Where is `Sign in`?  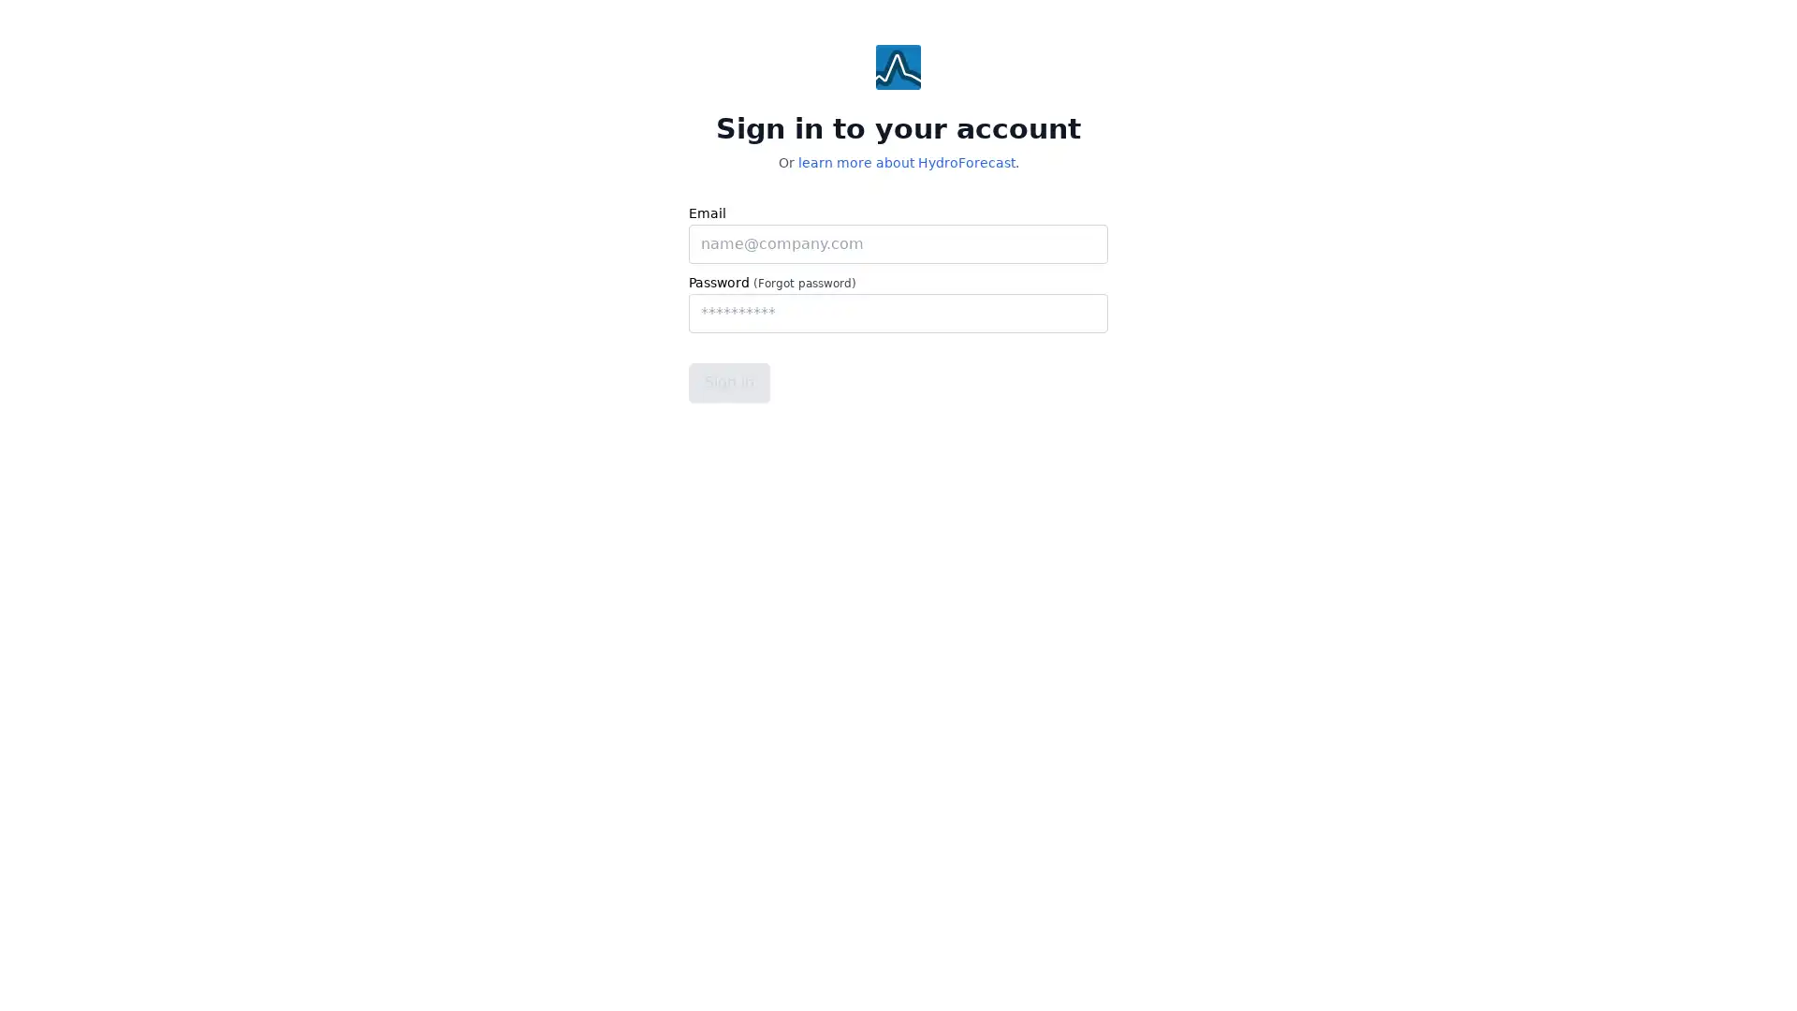 Sign in is located at coordinates (728, 381).